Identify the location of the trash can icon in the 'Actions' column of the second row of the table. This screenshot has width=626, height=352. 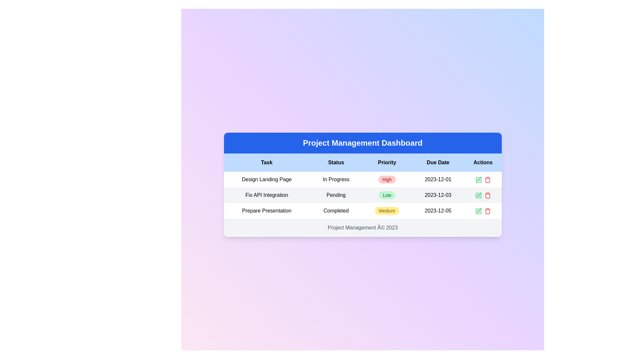
(487, 195).